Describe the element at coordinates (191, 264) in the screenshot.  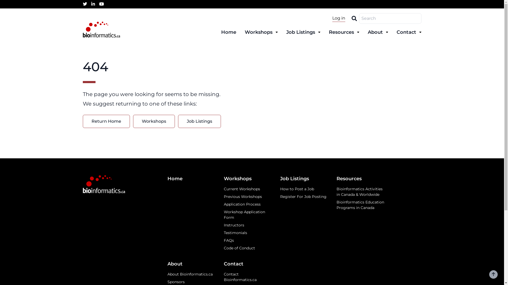
I see `'About'` at that location.